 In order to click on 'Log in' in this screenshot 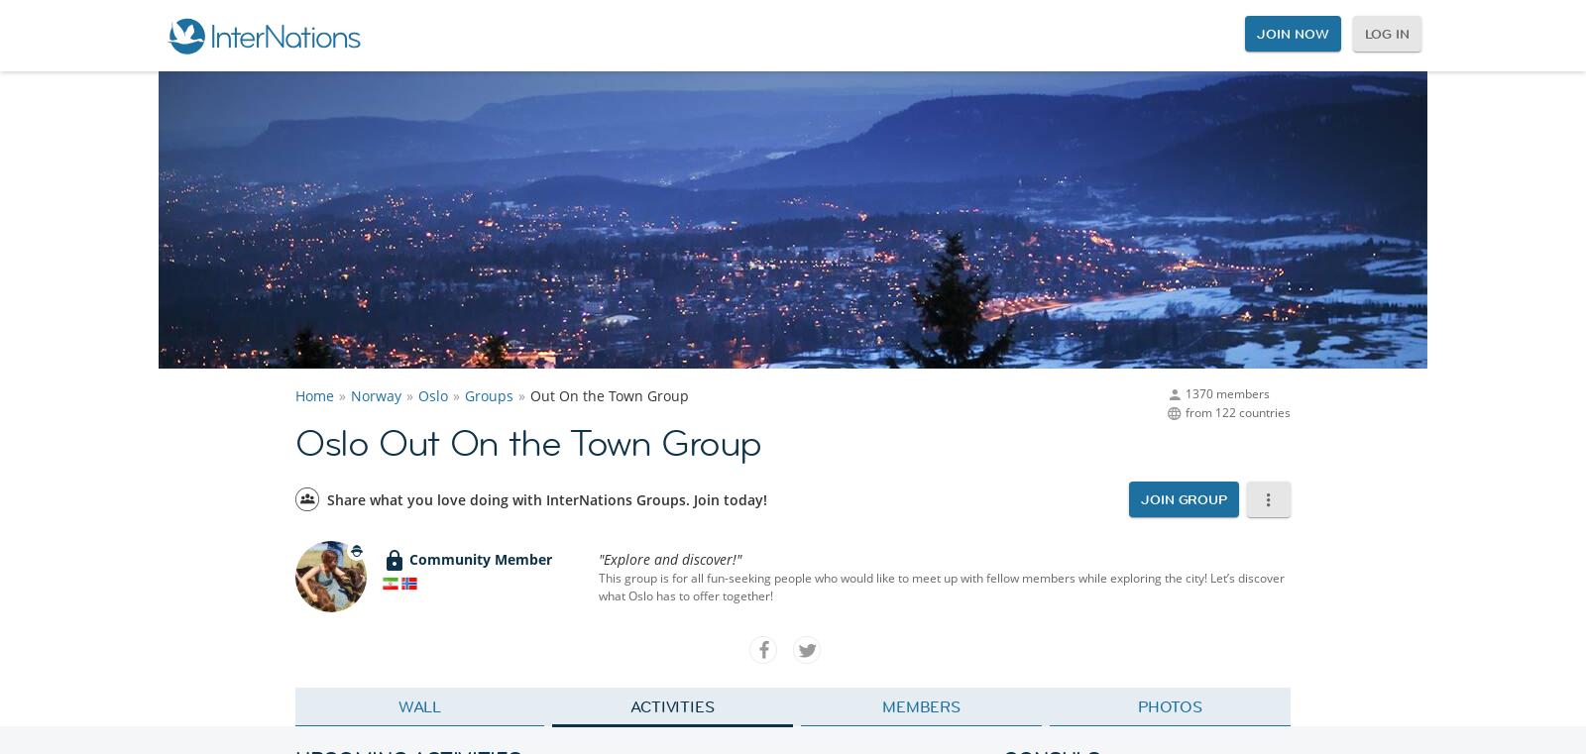, I will do `click(1386, 33)`.